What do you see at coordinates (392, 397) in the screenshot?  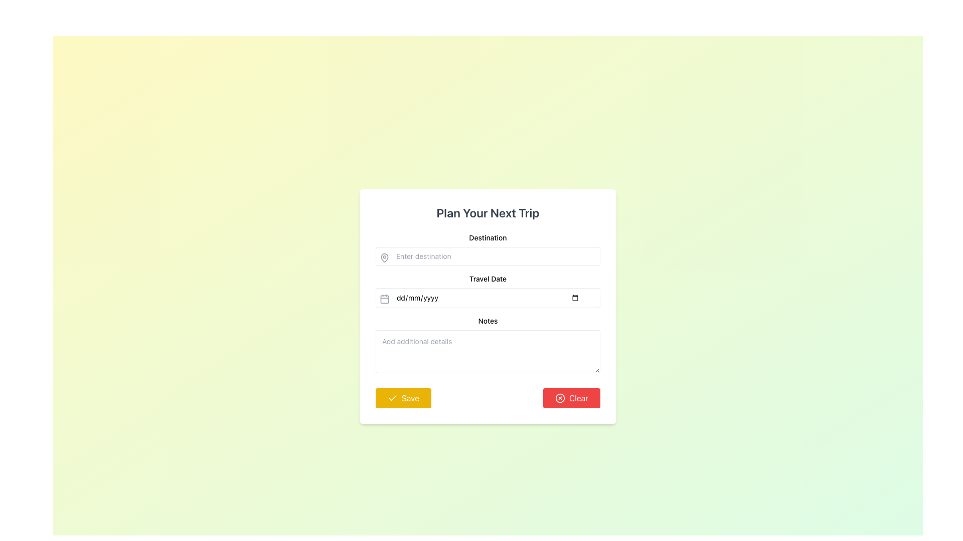 I see `the small checkmark icon located within the yellow 'Save' button, which is positioned in the bottom-left corner of the form section` at bounding box center [392, 397].